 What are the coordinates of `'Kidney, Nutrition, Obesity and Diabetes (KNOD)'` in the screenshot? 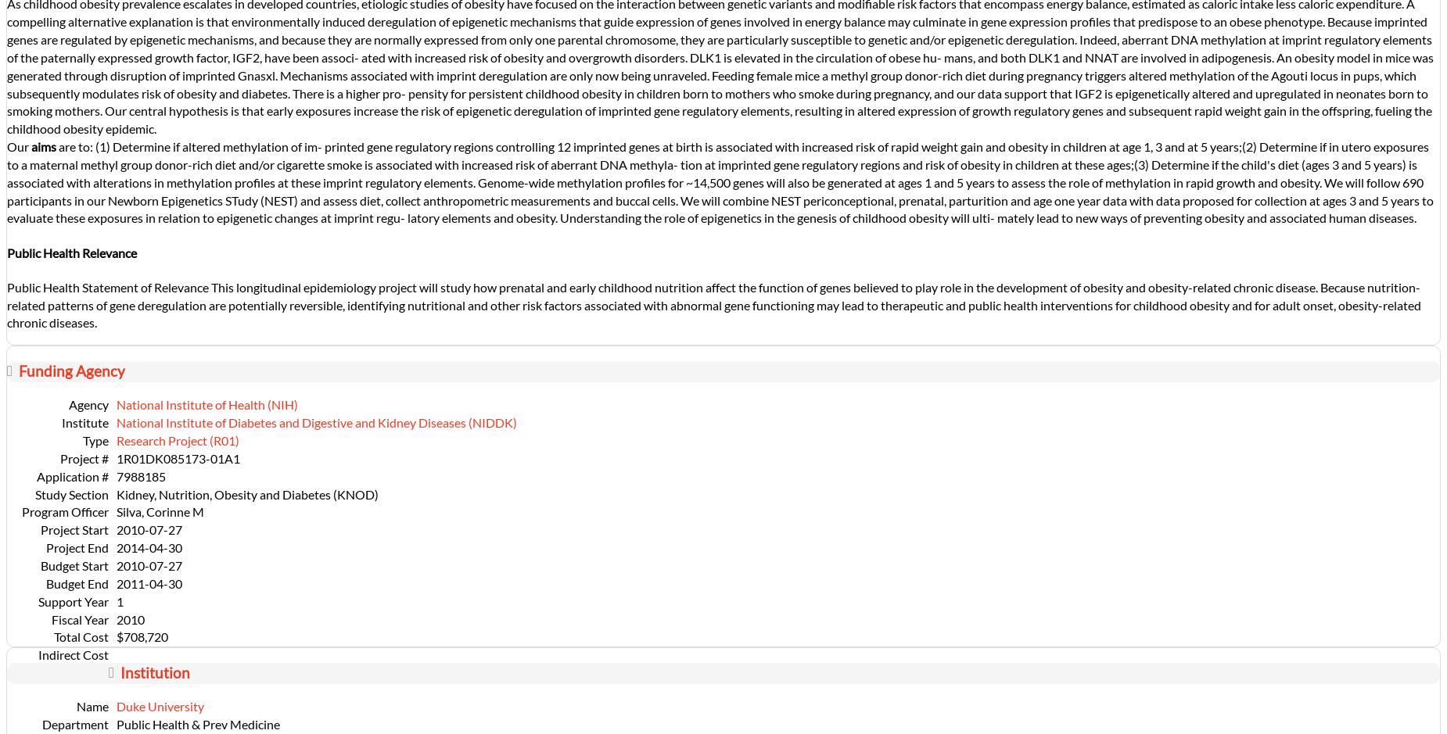 It's located at (246, 492).